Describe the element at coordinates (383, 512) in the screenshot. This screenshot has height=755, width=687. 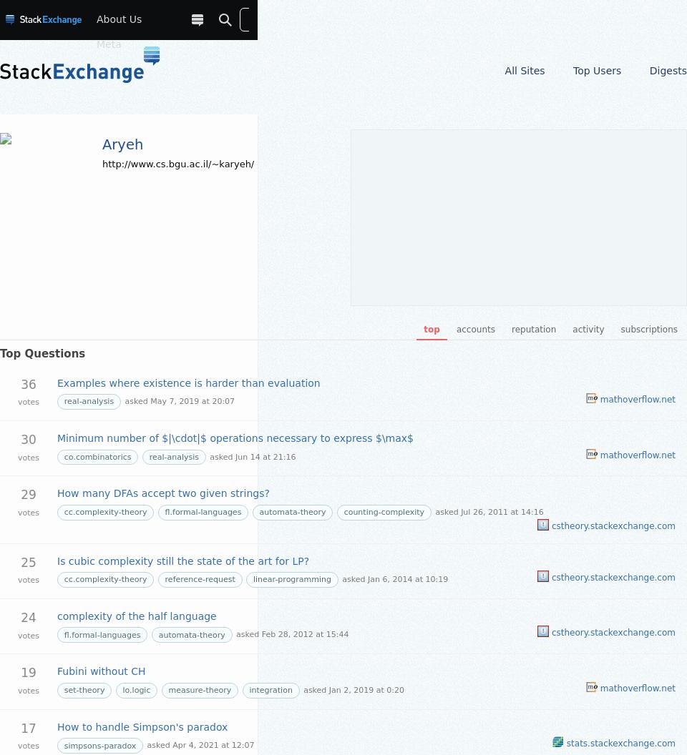
I see `'counting-complexity'` at that location.